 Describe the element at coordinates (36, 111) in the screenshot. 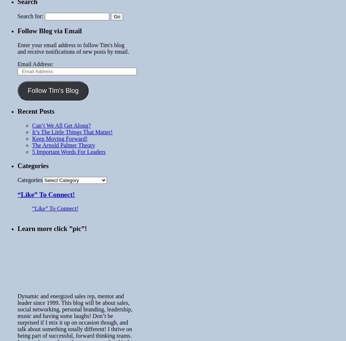

I see `'Recent Posts'` at that location.